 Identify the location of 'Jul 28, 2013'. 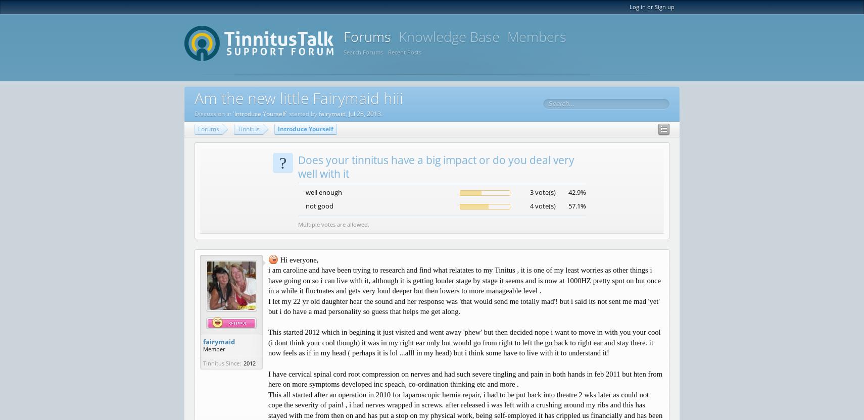
(364, 114).